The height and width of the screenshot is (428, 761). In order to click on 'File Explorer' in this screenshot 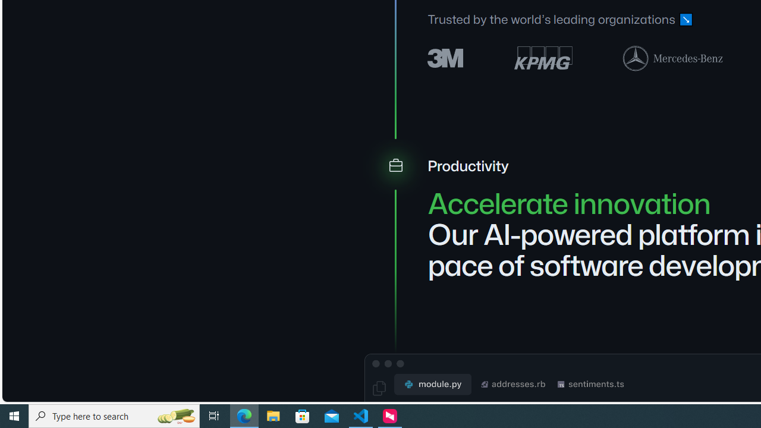, I will do `click(273, 415)`.